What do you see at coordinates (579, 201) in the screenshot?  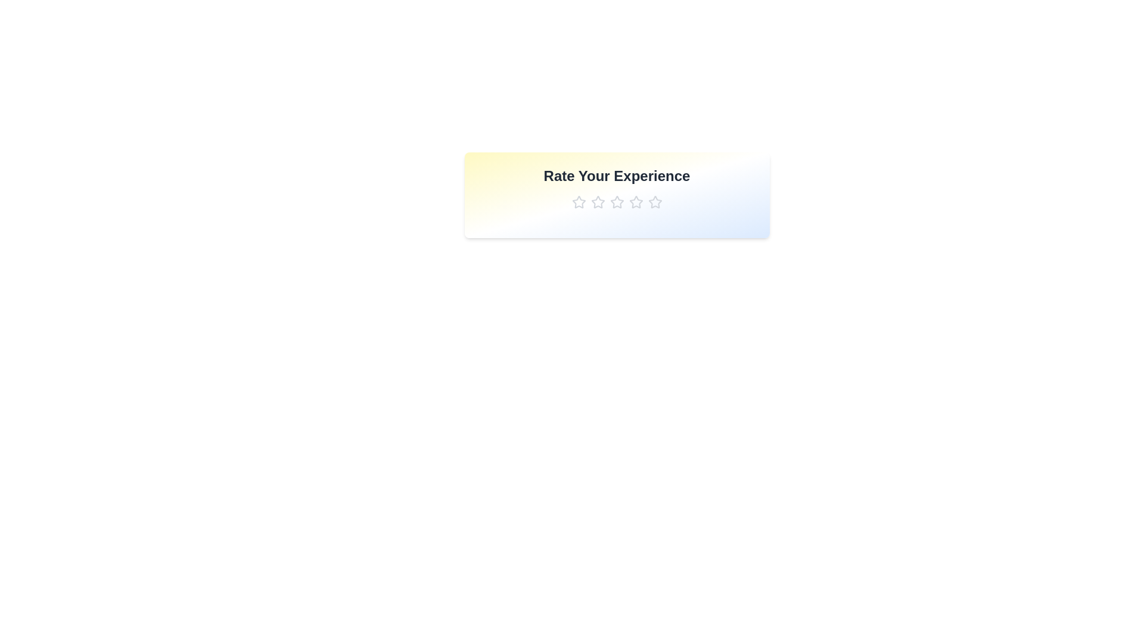 I see `the star corresponding to the rating 1` at bounding box center [579, 201].